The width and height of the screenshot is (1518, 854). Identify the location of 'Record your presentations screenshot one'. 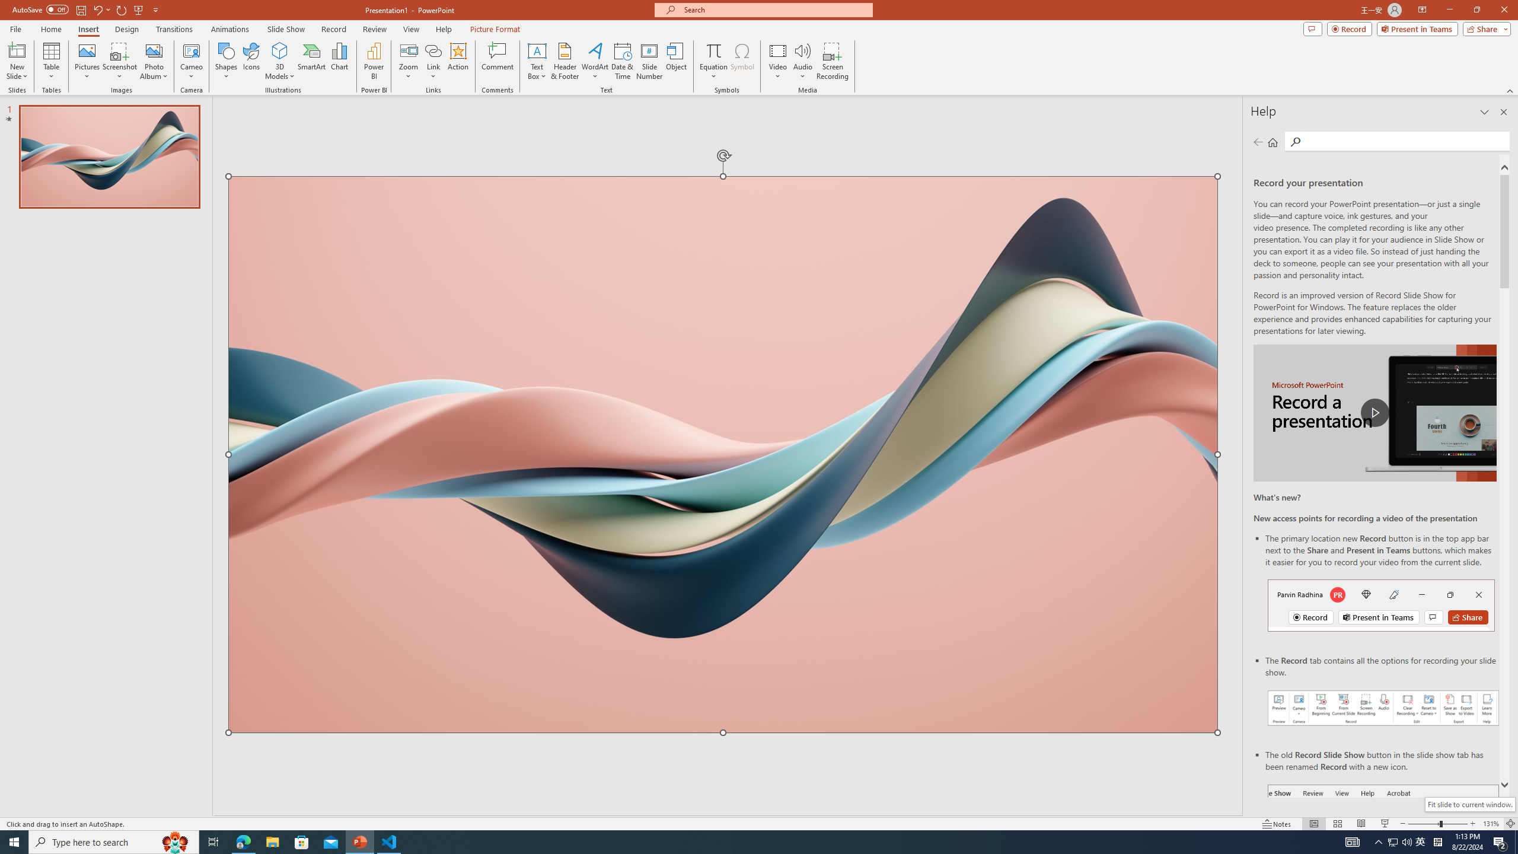
(1383, 707).